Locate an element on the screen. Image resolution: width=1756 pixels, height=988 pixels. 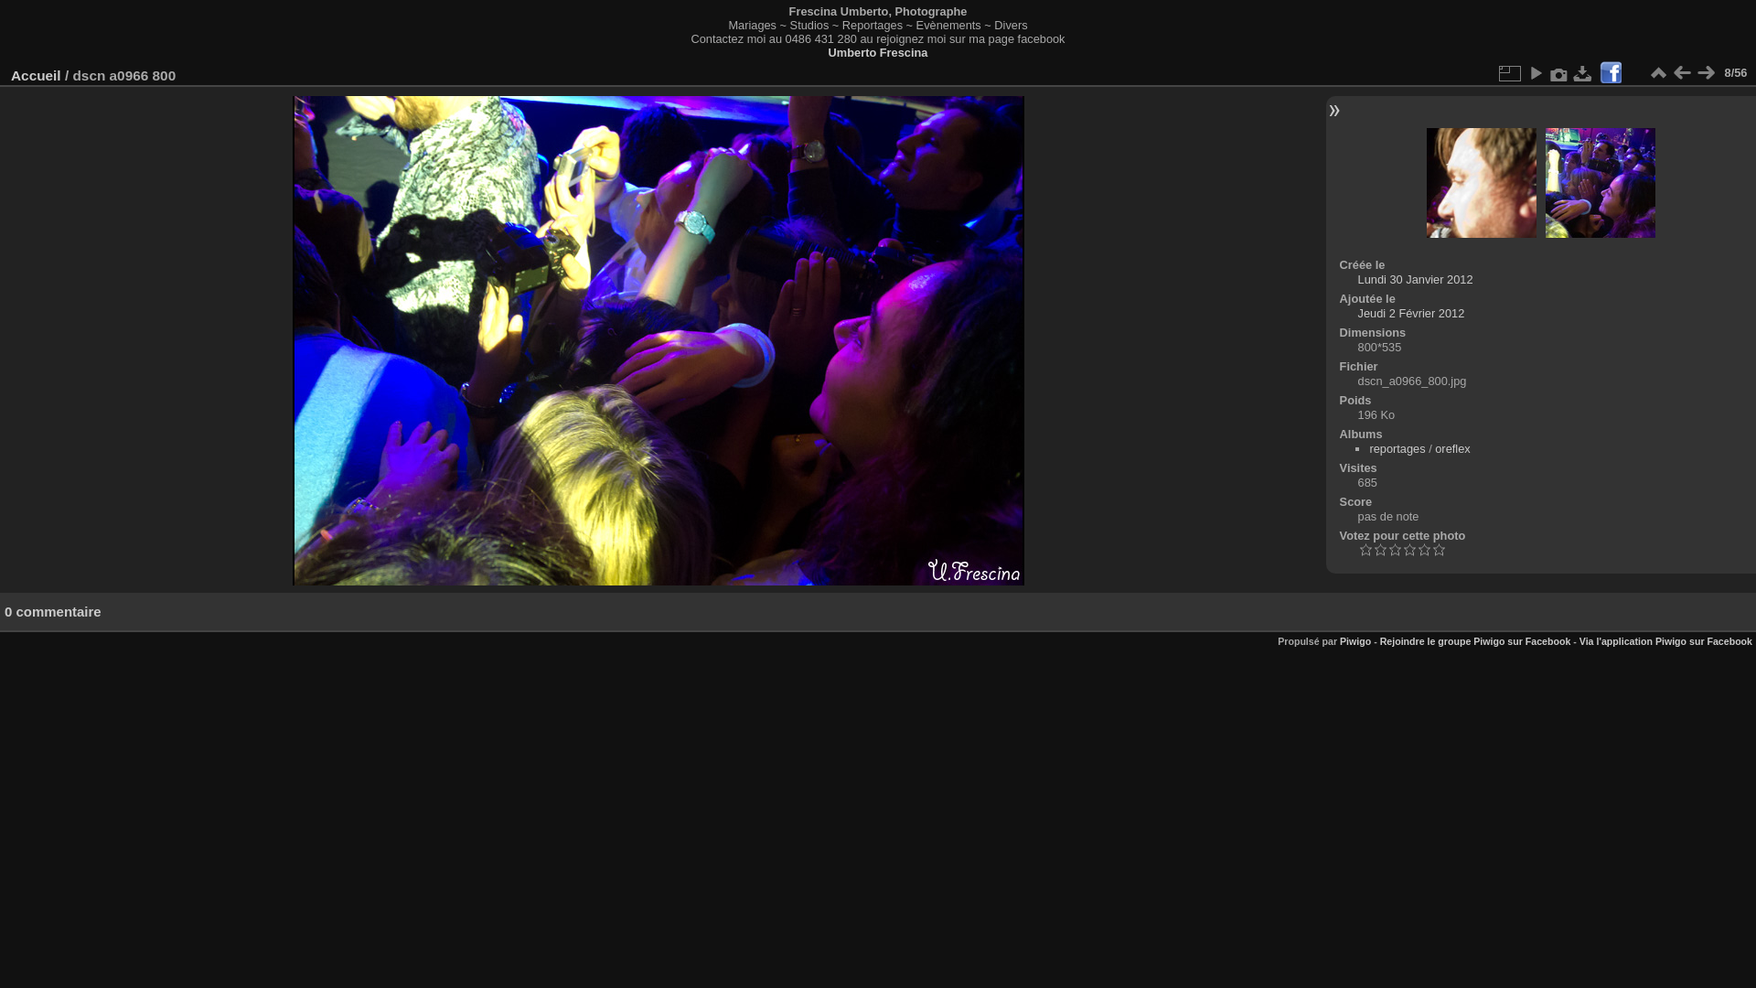
'oreflex' is located at coordinates (1451, 448).